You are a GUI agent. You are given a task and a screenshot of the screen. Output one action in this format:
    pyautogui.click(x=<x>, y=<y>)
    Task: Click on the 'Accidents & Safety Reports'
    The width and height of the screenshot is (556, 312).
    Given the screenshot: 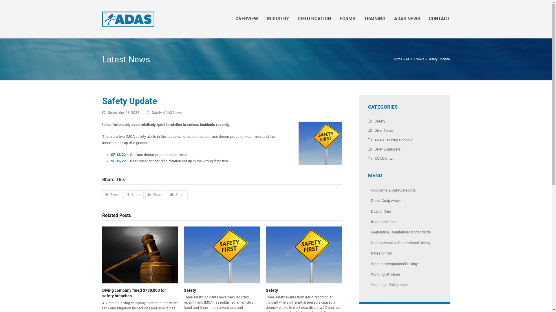 What is the action you would take?
    pyautogui.click(x=404, y=190)
    